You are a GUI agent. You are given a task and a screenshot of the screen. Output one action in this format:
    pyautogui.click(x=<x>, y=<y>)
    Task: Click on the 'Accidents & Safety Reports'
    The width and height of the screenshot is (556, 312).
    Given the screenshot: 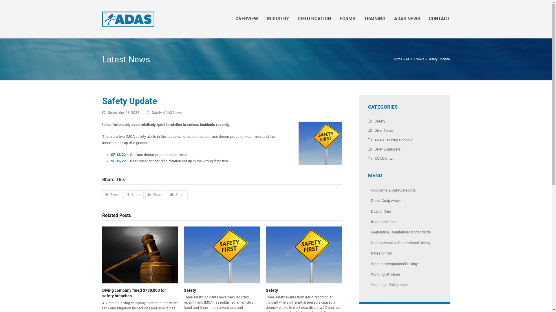 What is the action you would take?
    pyautogui.click(x=404, y=190)
    